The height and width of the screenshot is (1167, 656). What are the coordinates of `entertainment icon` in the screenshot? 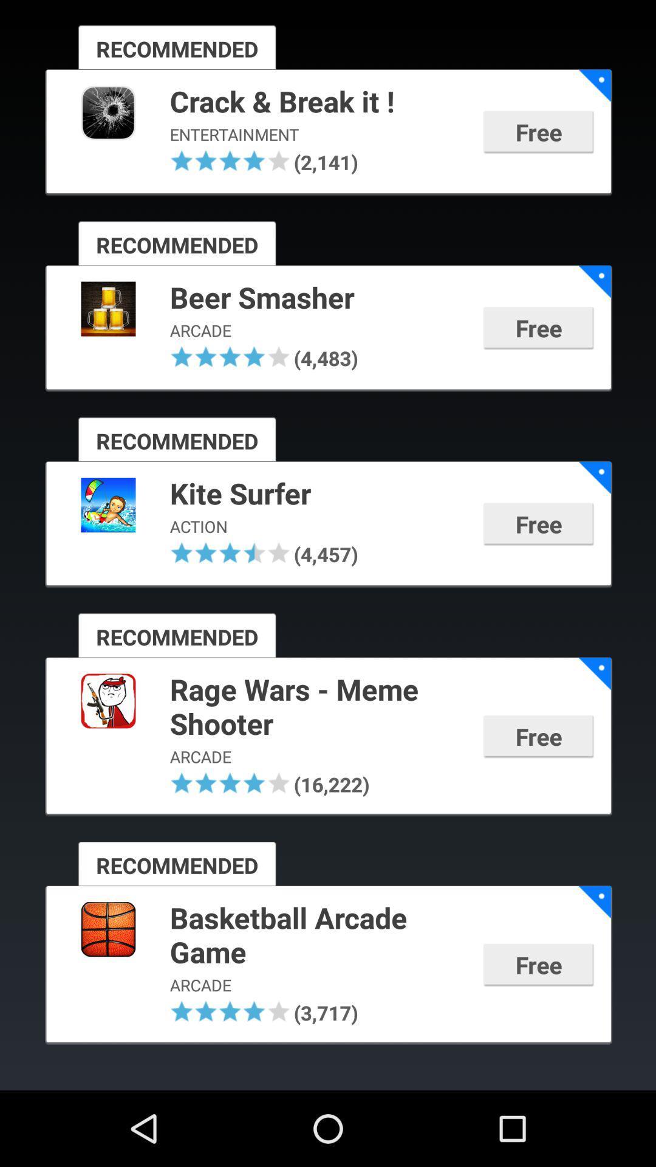 It's located at (318, 133).